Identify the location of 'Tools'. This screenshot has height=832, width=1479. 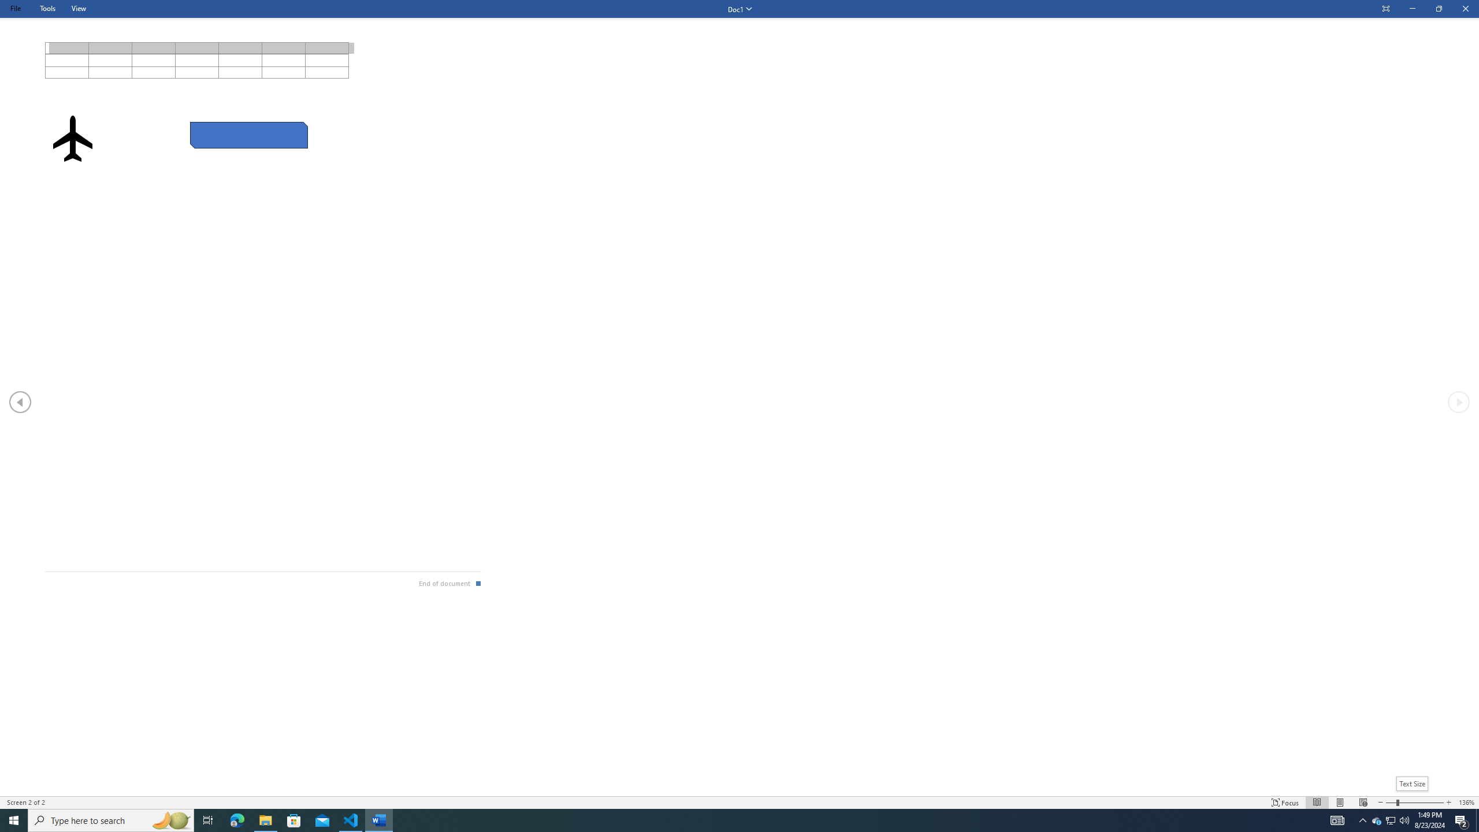
(47, 8).